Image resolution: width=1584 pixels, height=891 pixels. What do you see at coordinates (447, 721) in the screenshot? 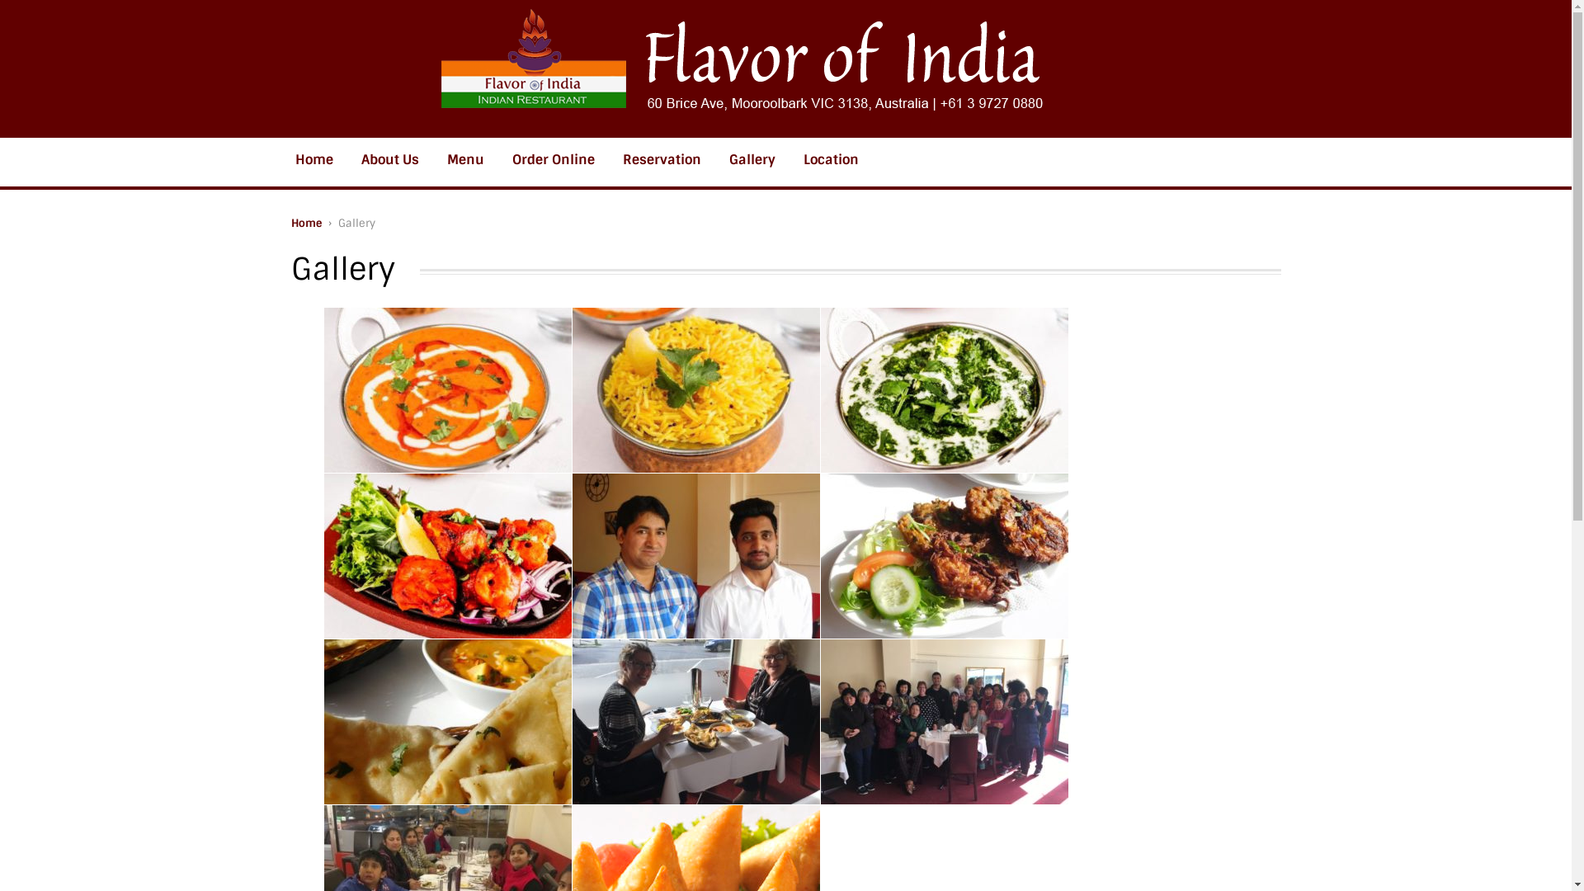
I see `'gal3'` at bounding box center [447, 721].